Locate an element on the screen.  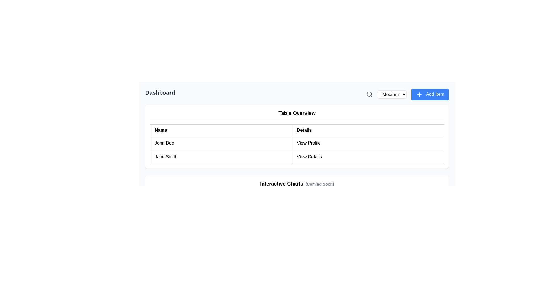
the bold, black text element with the content 'Table Overview', which serves as a header in the upper part of a card layout is located at coordinates (297, 114).